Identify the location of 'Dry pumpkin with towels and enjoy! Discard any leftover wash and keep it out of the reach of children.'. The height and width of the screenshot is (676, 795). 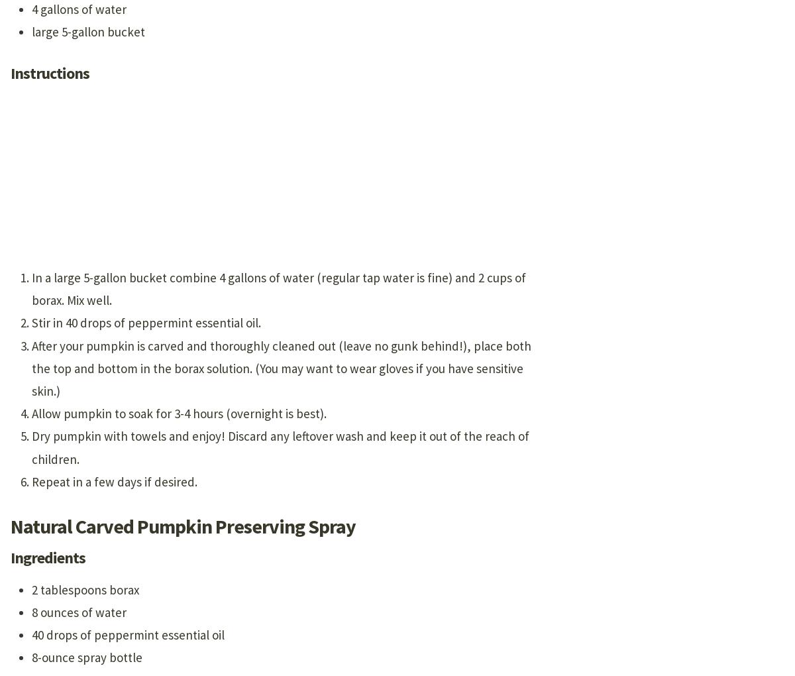
(280, 447).